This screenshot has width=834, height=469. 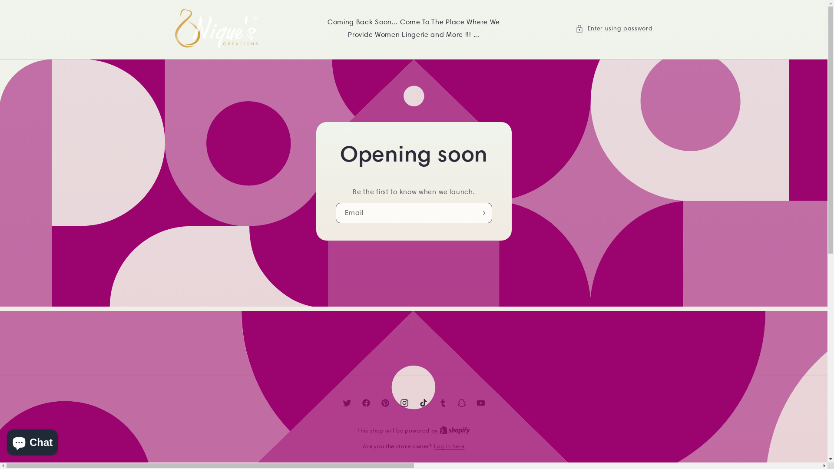 What do you see at coordinates (32, 440) in the screenshot?
I see `'Shopify online store chat'` at bounding box center [32, 440].